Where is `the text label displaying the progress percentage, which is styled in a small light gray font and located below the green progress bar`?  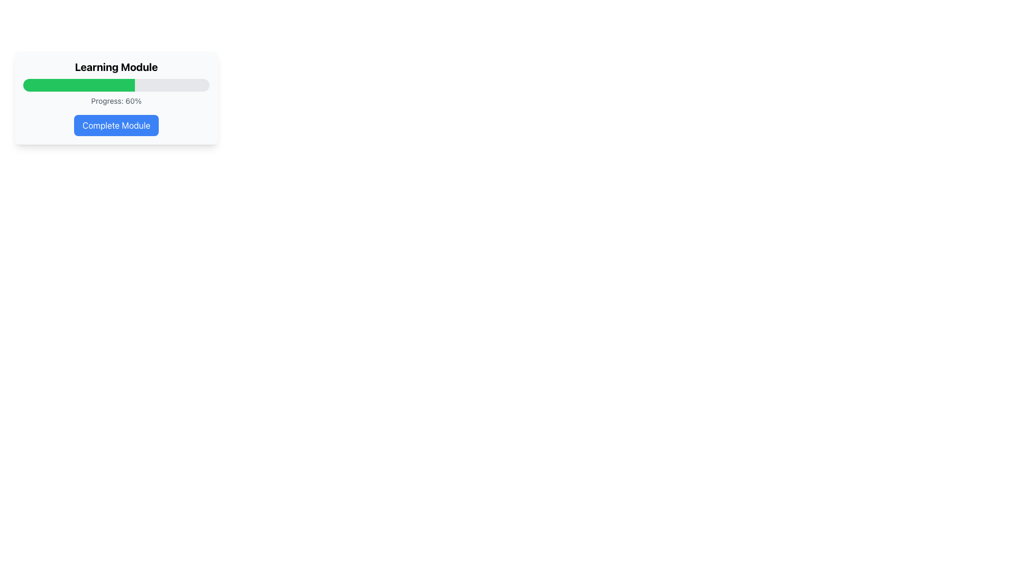
the text label displaying the progress percentage, which is styled in a small light gray font and located below the green progress bar is located at coordinates (116, 101).